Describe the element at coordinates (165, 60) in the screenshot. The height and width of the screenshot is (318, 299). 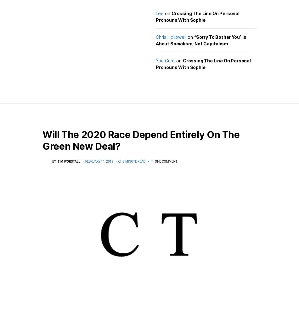
I see `'You Cunt'` at that location.